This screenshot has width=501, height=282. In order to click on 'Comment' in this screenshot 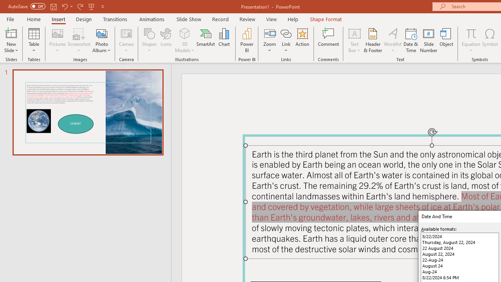, I will do `click(328, 40)`.